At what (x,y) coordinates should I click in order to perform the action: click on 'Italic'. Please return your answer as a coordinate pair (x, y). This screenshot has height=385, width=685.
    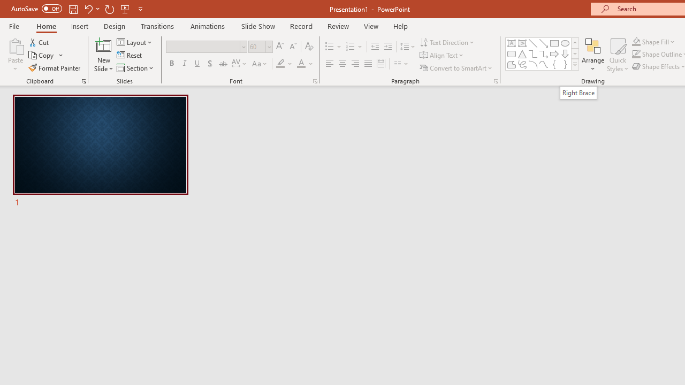
    Looking at the image, I should click on (184, 64).